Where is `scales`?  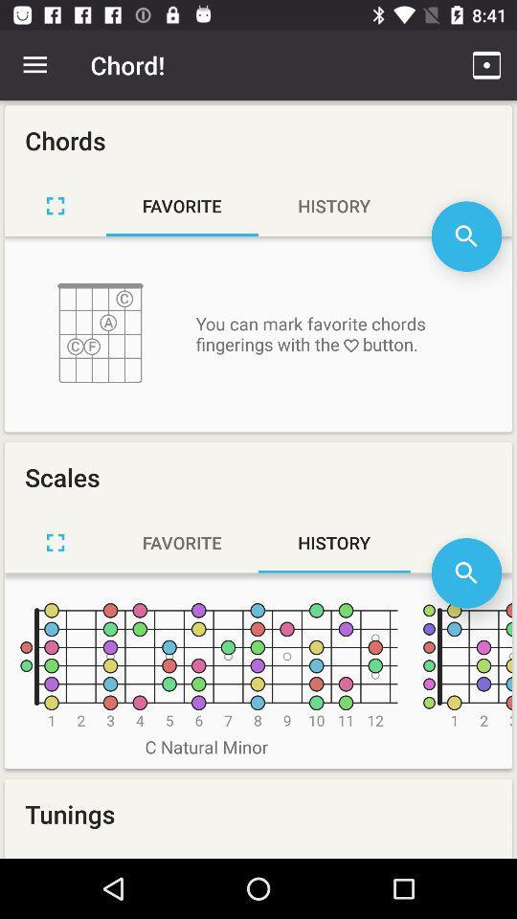 scales is located at coordinates (56, 542).